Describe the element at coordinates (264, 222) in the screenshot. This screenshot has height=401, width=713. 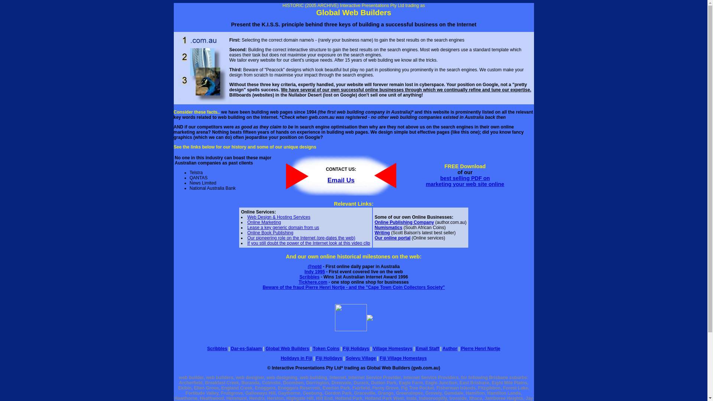
I see `'Online Marketing'` at that location.